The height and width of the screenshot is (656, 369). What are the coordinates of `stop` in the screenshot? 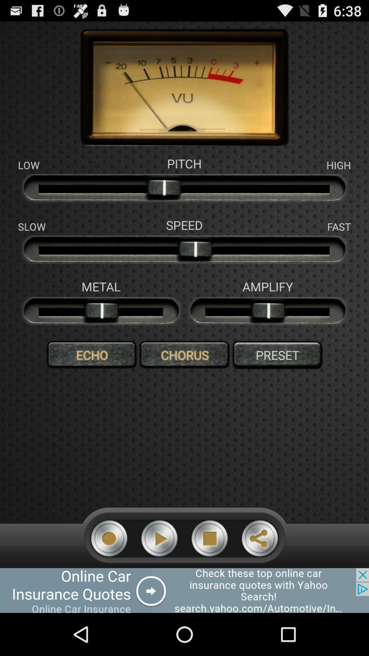 It's located at (209, 538).